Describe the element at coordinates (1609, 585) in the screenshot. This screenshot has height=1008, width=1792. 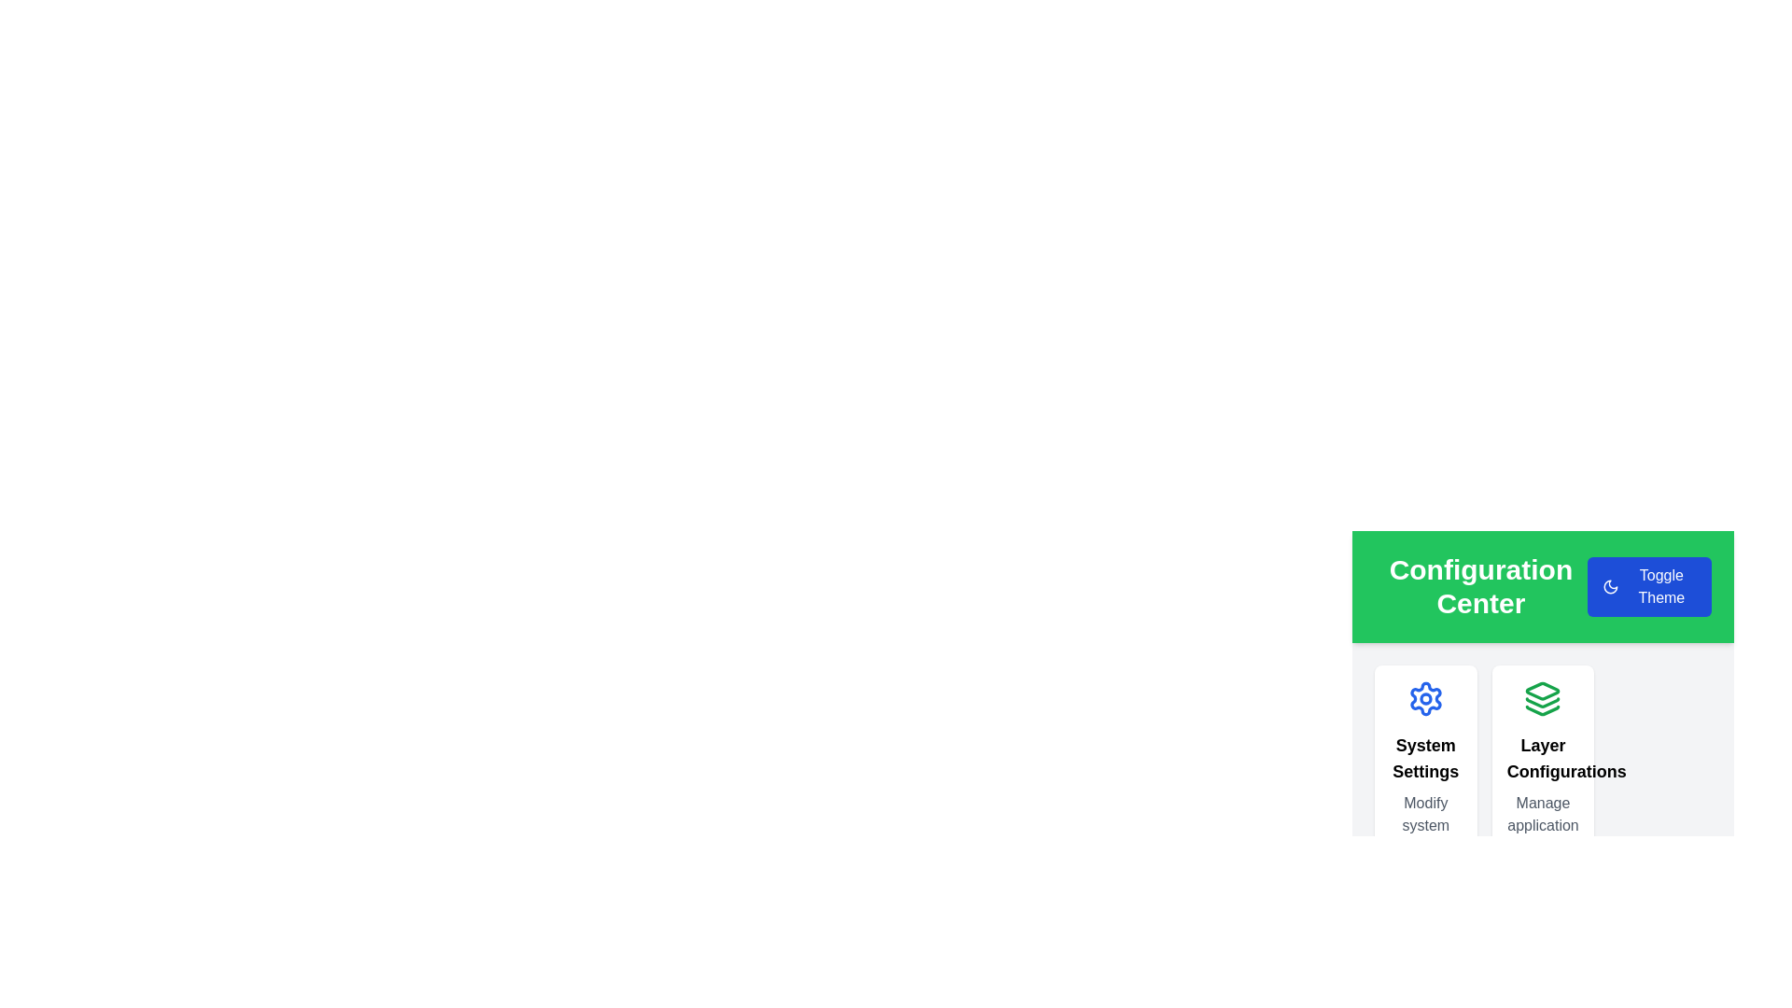
I see `the crescent moon icon located on the right side of the green header bar, next to the blue button labeled 'Toggle Theme', to toggle the application theme` at that location.